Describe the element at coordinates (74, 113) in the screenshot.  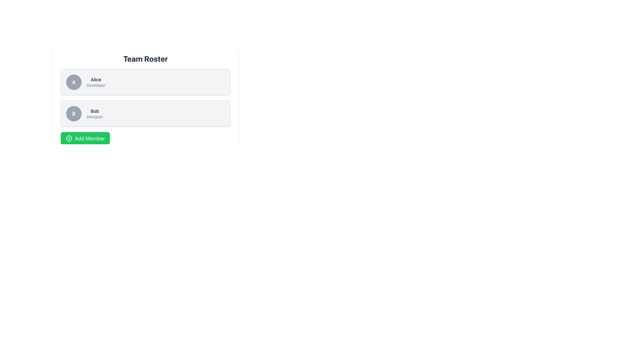
I see `the user avatar placeholder displaying the initial 'B' for the user Bob, located in the second user card of the 'Team Roster' interface` at that location.